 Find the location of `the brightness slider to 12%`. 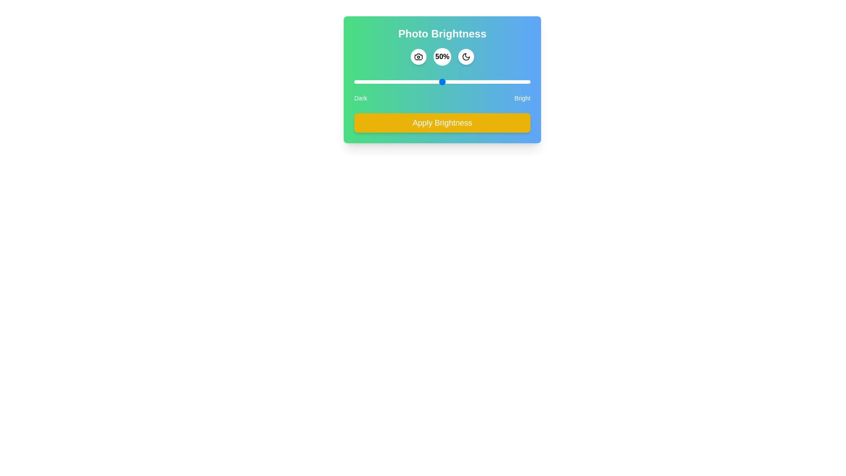

the brightness slider to 12% is located at coordinates (375, 82).